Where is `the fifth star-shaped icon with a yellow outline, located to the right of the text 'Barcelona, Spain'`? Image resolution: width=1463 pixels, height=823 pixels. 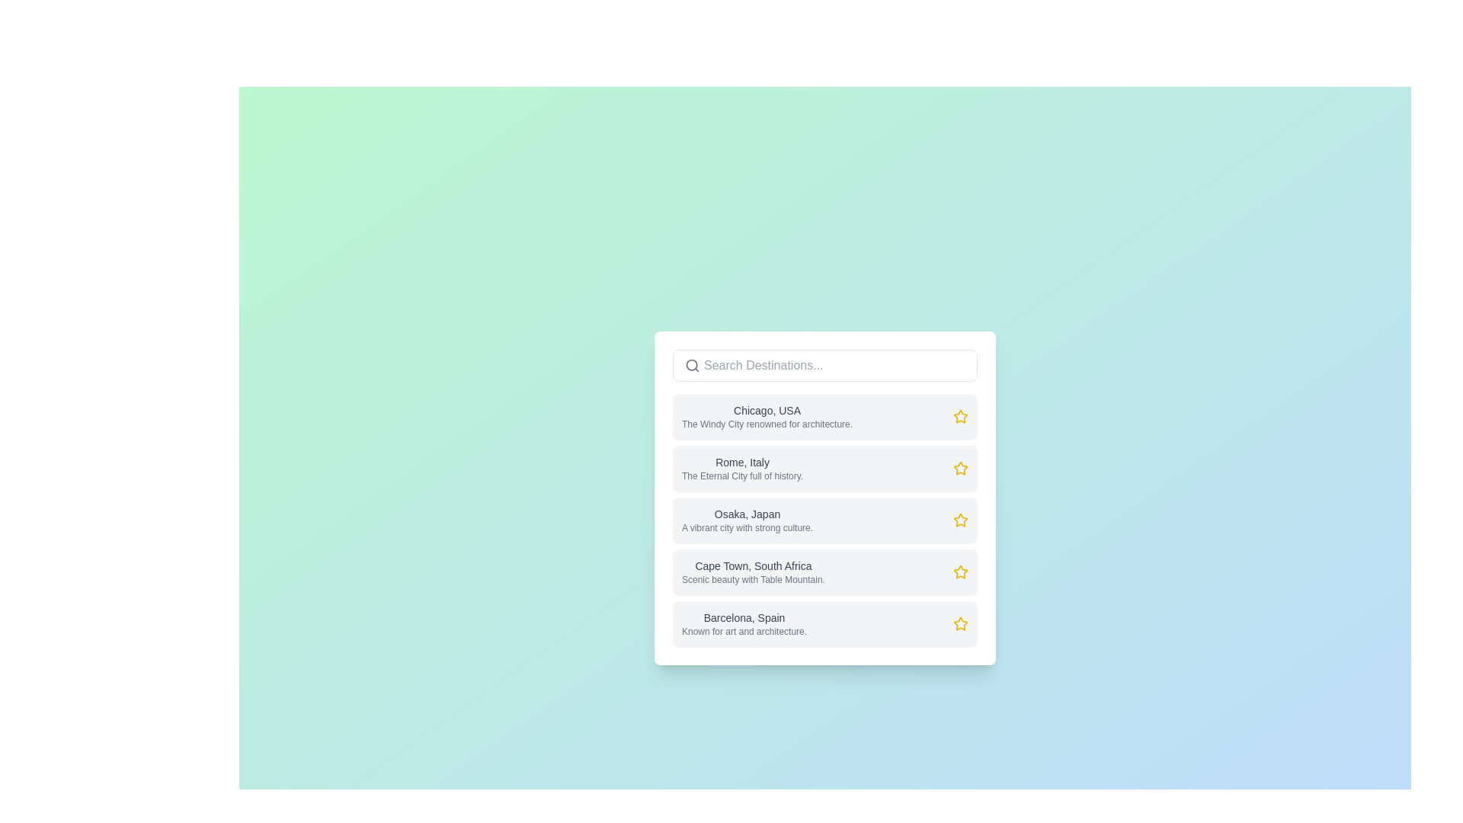 the fifth star-shaped icon with a yellow outline, located to the right of the text 'Barcelona, Spain' is located at coordinates (960, 623).